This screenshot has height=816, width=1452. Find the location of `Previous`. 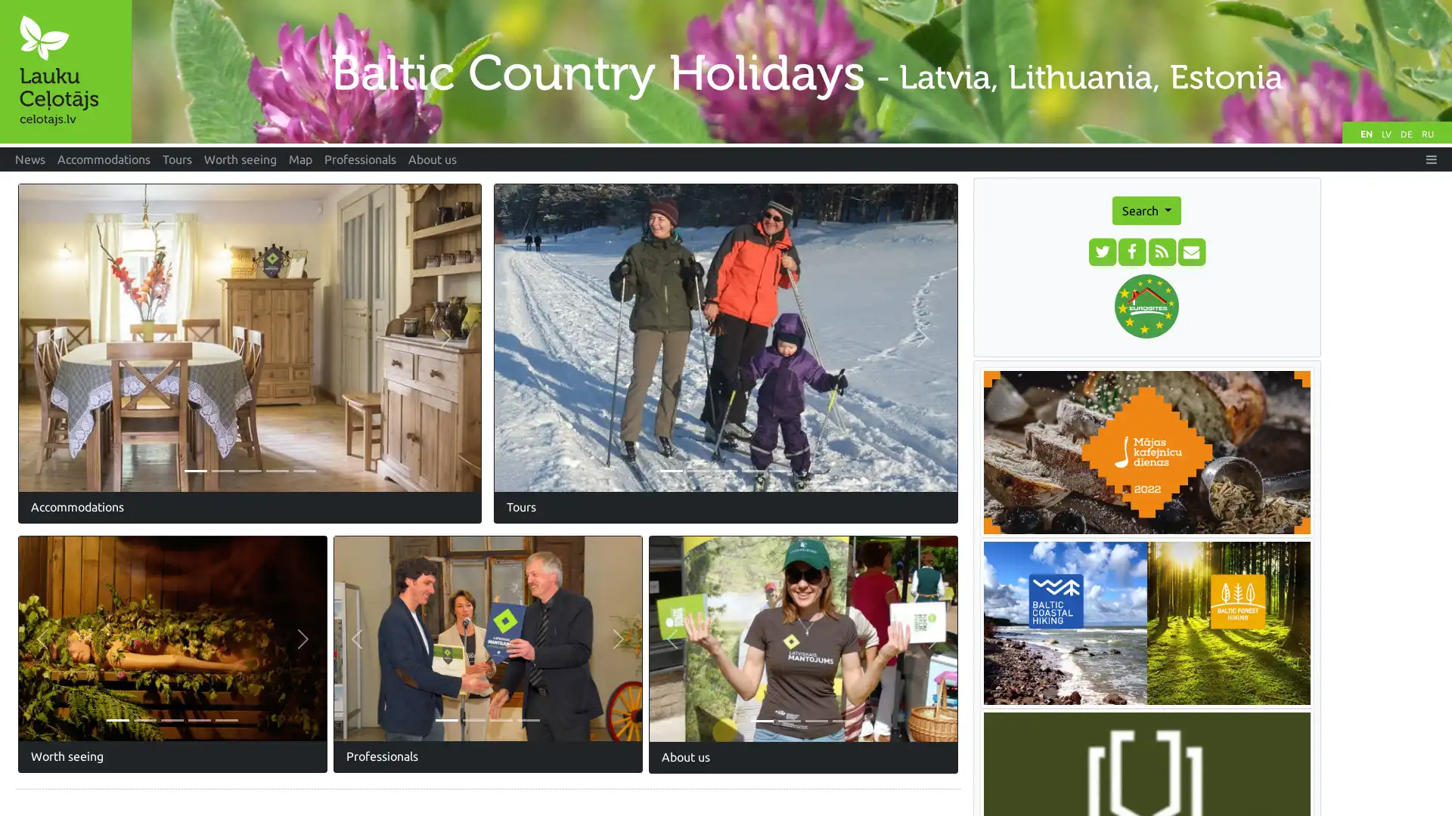

Previous is located at coordinates (42, 638).